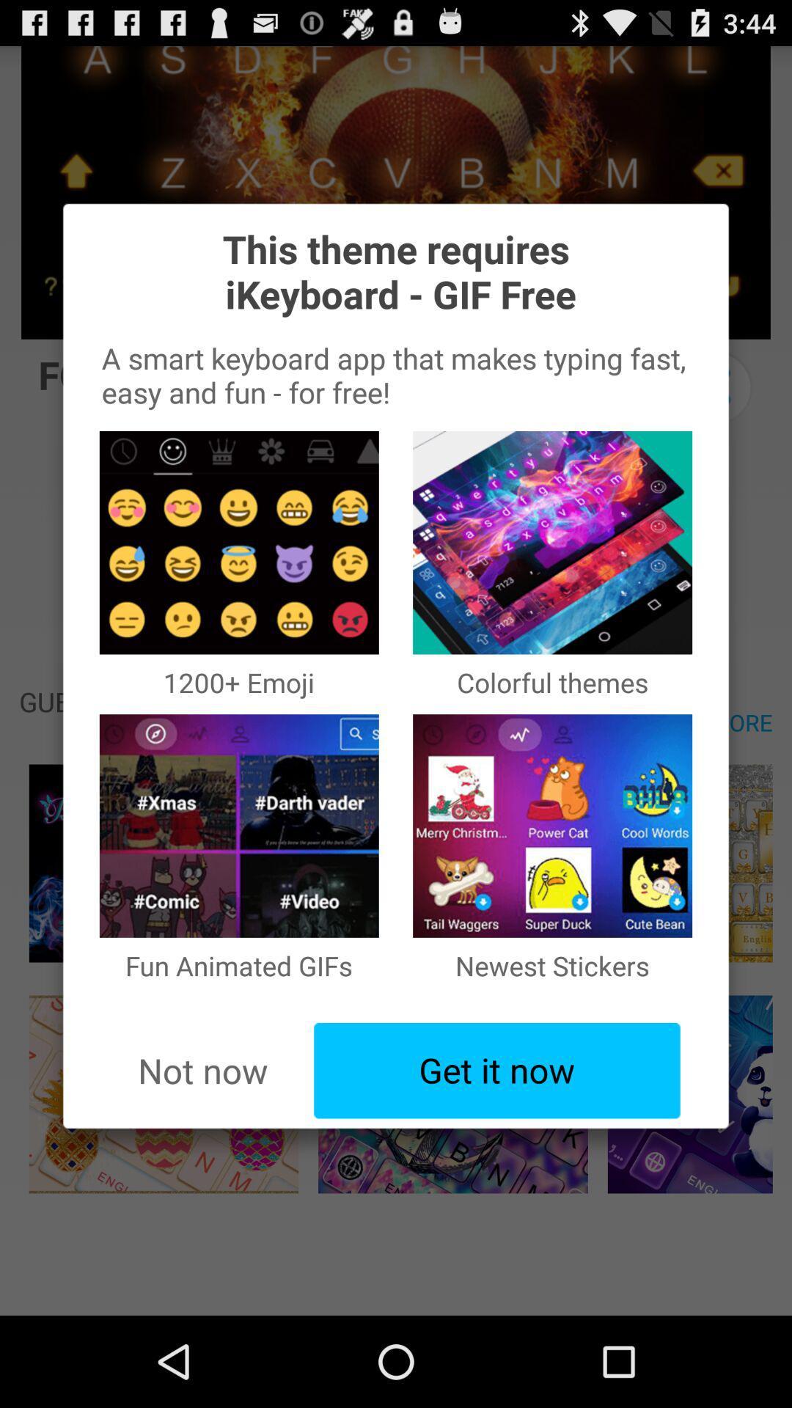  I want to click on get it now button, so click(496, 1071).